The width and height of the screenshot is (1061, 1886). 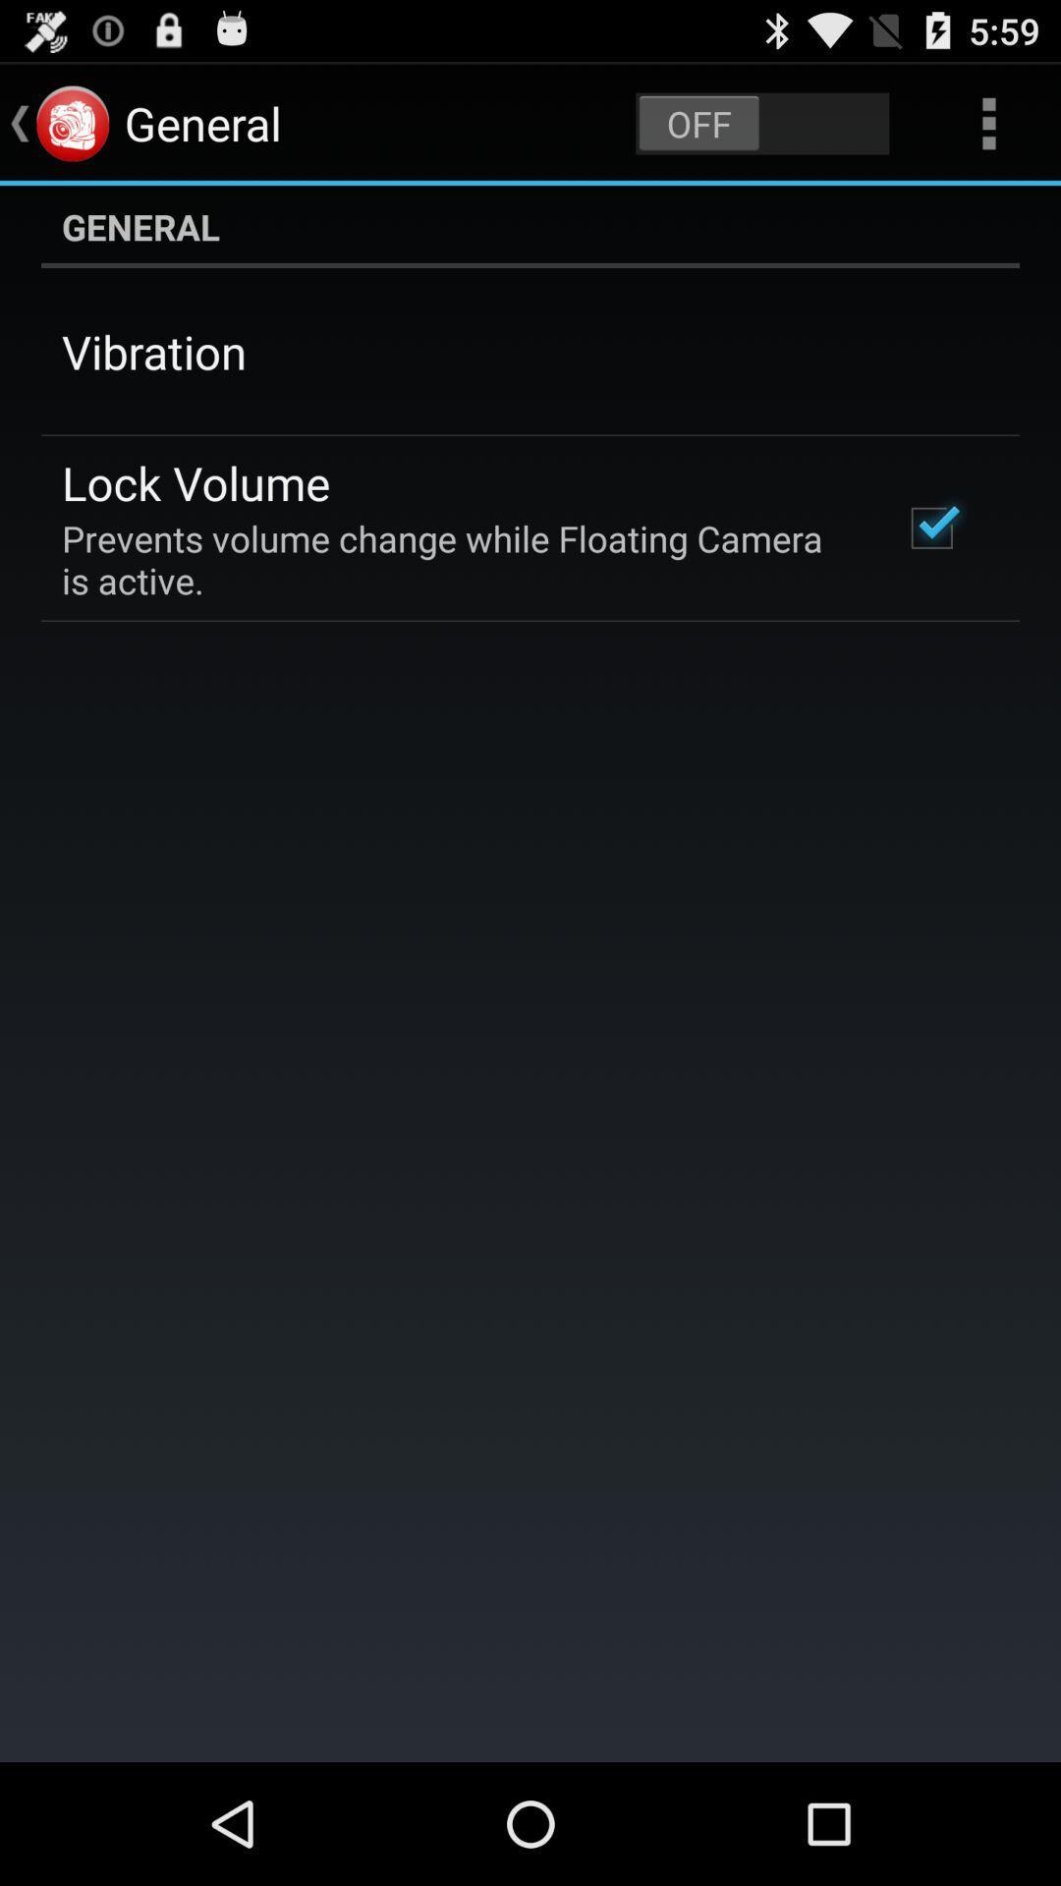 What do you see at coordinates (761, 122) in the screenshot?
I see `icon next to the general app` at bounding box center [761, 122].